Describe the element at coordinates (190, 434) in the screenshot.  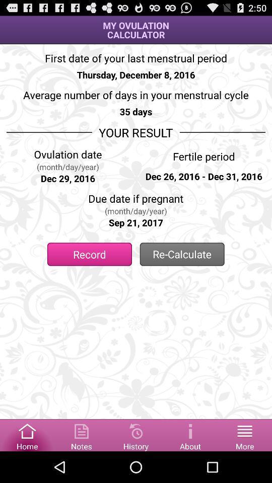
I see `open the 'about screen` at that location.